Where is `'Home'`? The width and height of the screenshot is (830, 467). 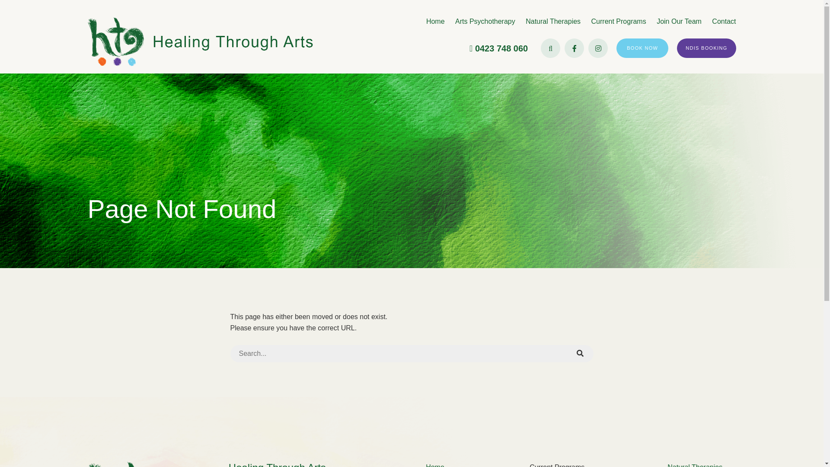 'Home' is located at coordinates (435, 21).